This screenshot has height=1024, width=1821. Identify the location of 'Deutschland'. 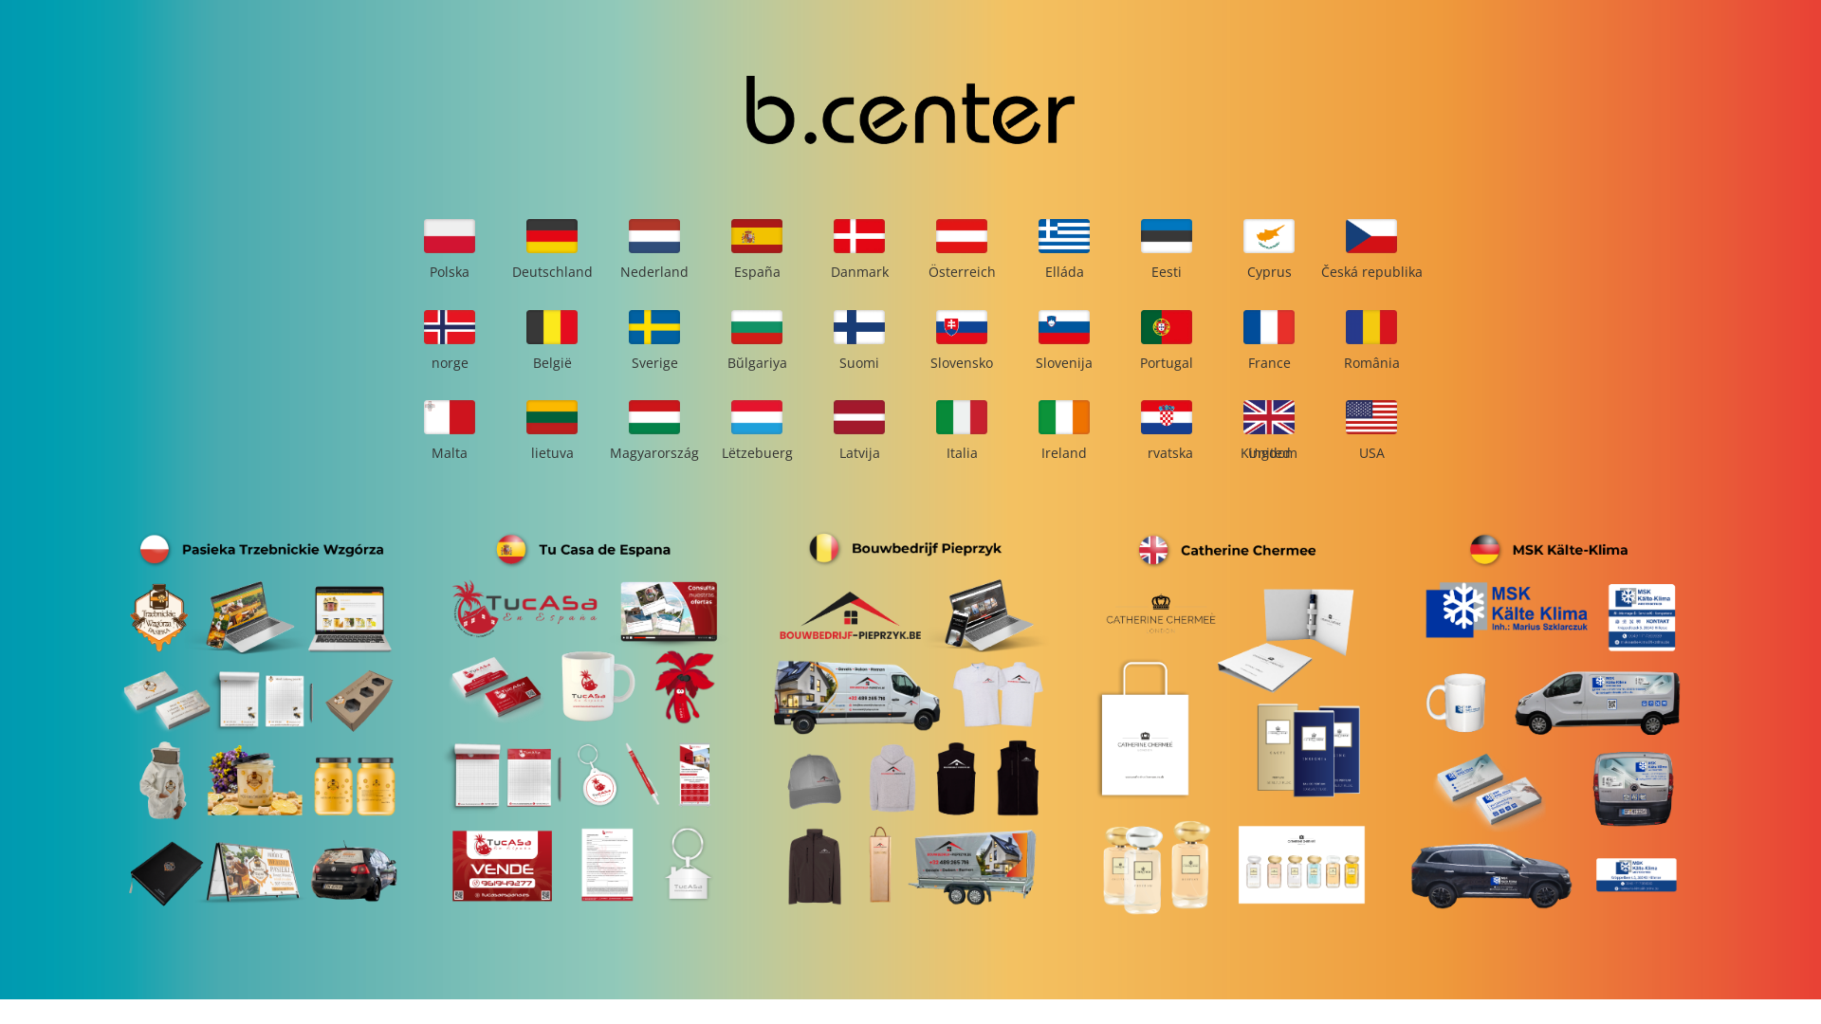
(551, 271).